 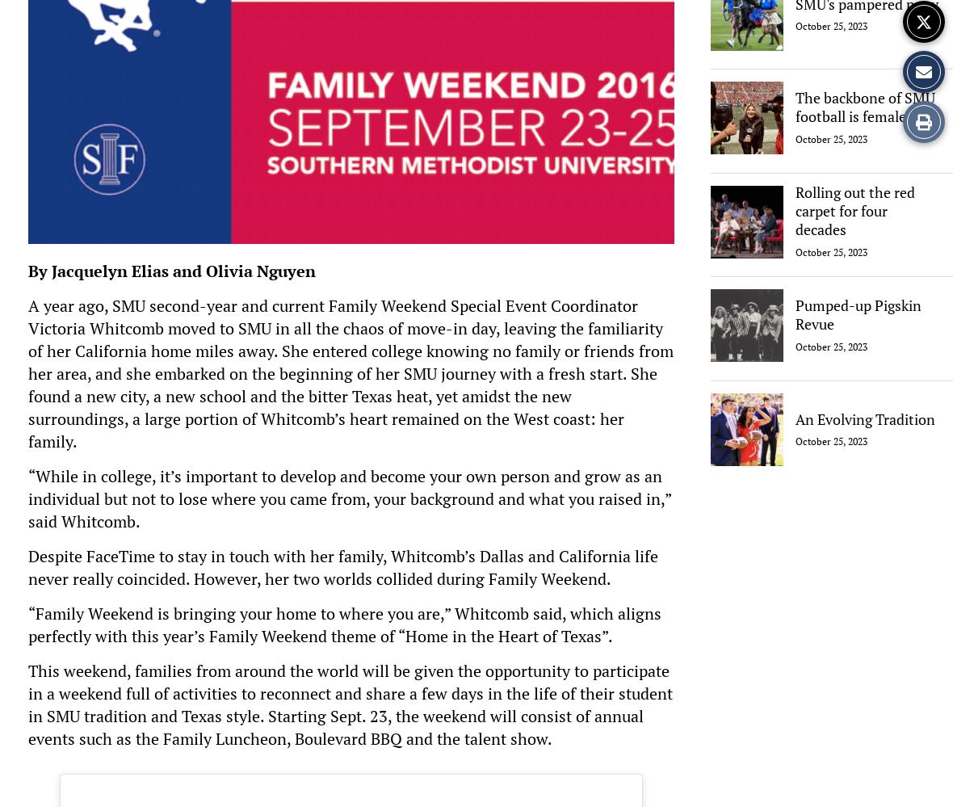 What do you see at coordinates (27, 704) in the screenshot?
I see `'This weekend, families from around the world will be given the opportunity to participate in a weekend full of activities to reconnect and share a few days in the life of their student in SMU tradition and Texas style. Starting Sept. 23, the weekend will consist of annual events such as the Family Luncheon, Boulevard BBQ and the talent show.'` at bounding box center [27, 704].